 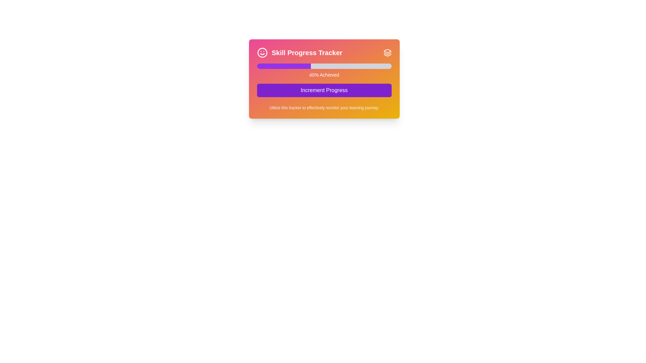 I want to click on the Icon that signifies layers or an organizational structure located at the top-right corner of the 'Skill Progress Tracker' box, so click(x=387, y=52).